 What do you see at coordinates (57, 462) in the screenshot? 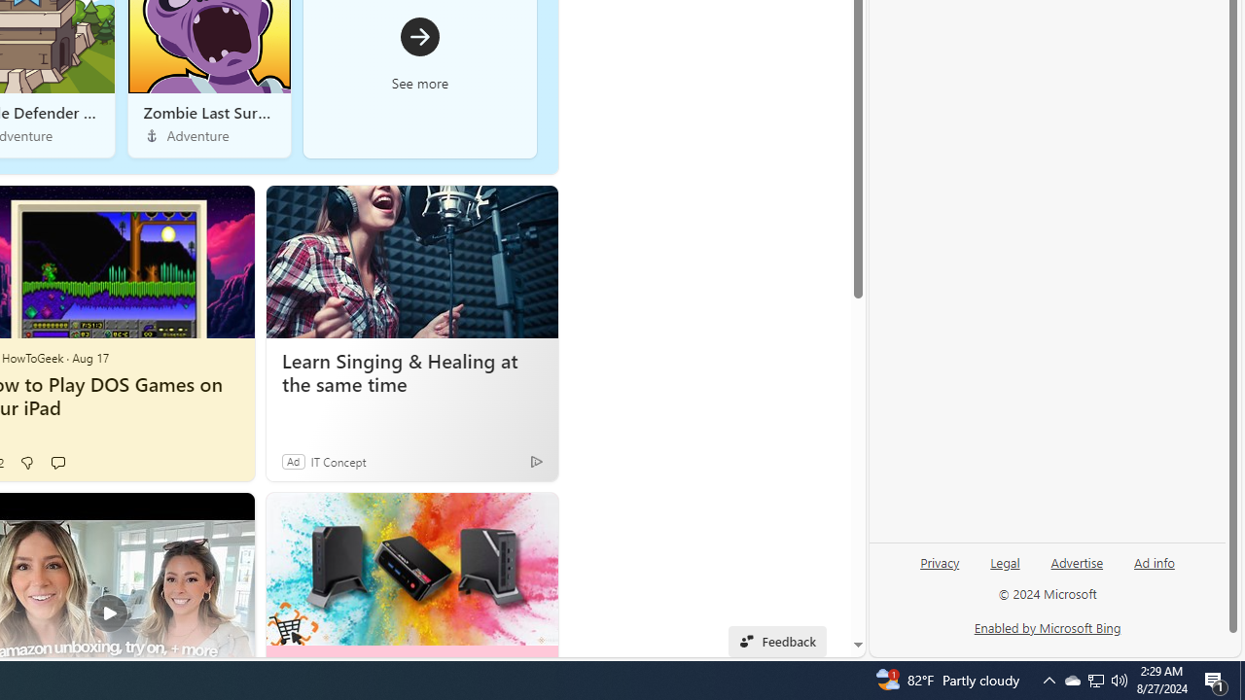
I see `'Start the conversation'` at bounding box center [57, 462].